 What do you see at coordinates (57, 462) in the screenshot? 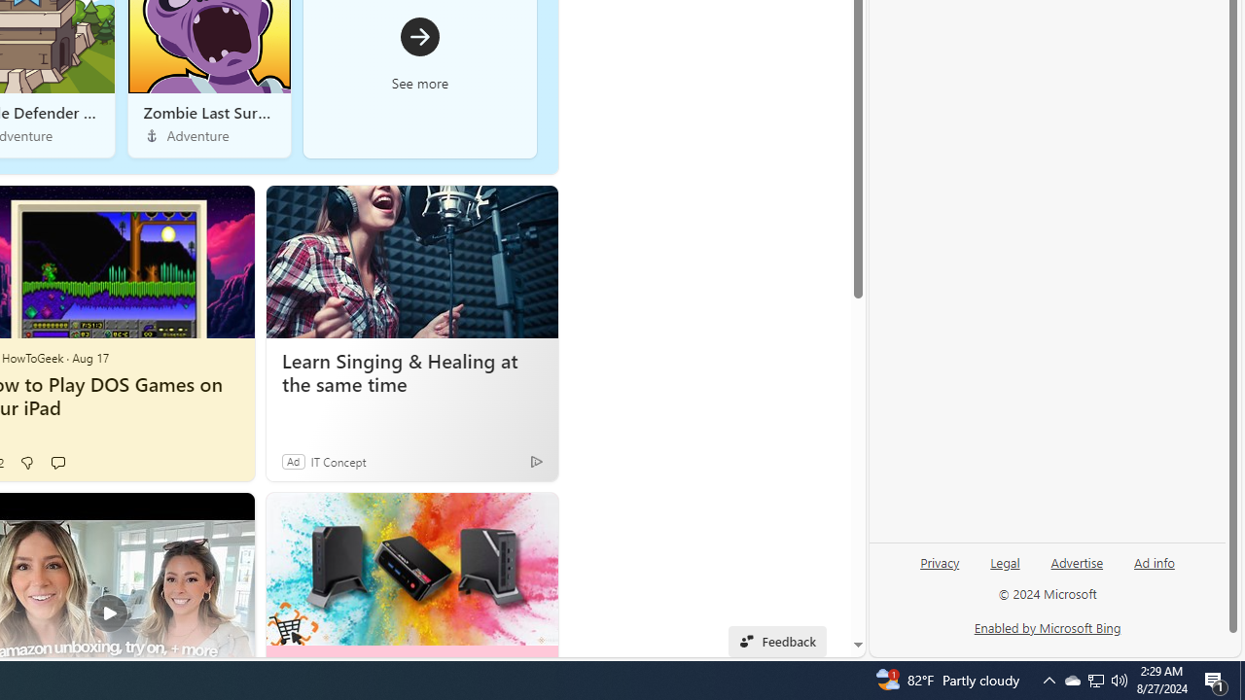
I see `'Start the conversation'` at bounding box center [57, 462].